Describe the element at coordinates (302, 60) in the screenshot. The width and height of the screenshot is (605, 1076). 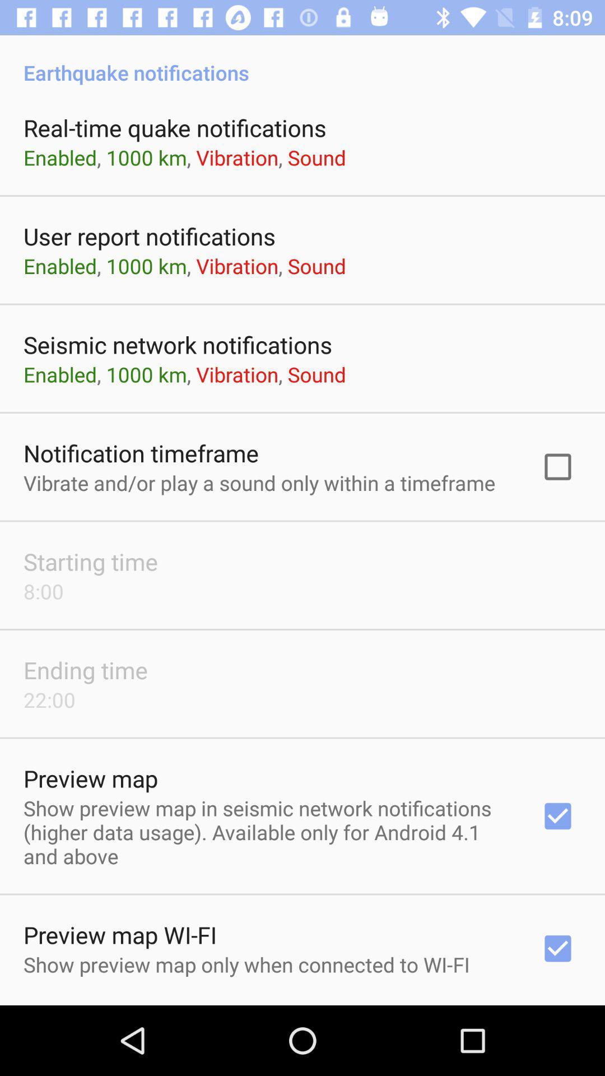
I see `earthquake notifications icon` at that location.